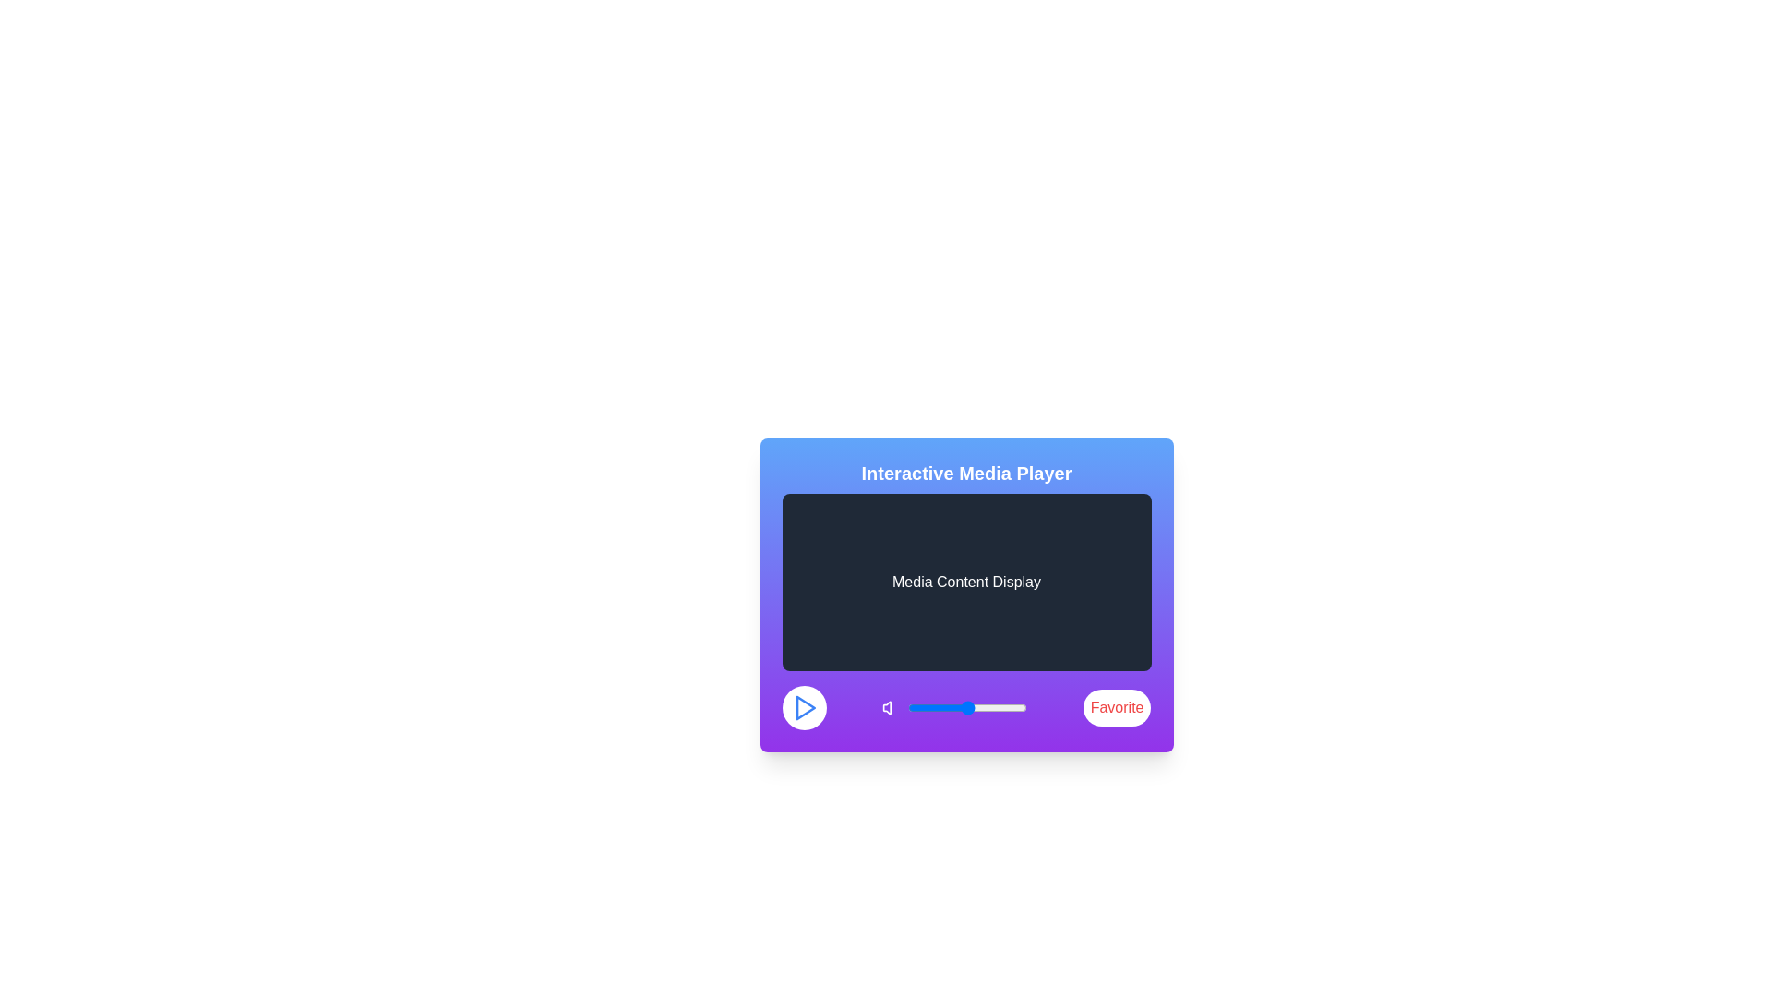 The image size is (1772, 997). Describe the element at coordinates (805, 707) in the screenshot. I see `the Play Button, which is a small triangular play symbol within a circular button located in the bottom left corner of the interactive media player interface, to initiate media playback` at that location.